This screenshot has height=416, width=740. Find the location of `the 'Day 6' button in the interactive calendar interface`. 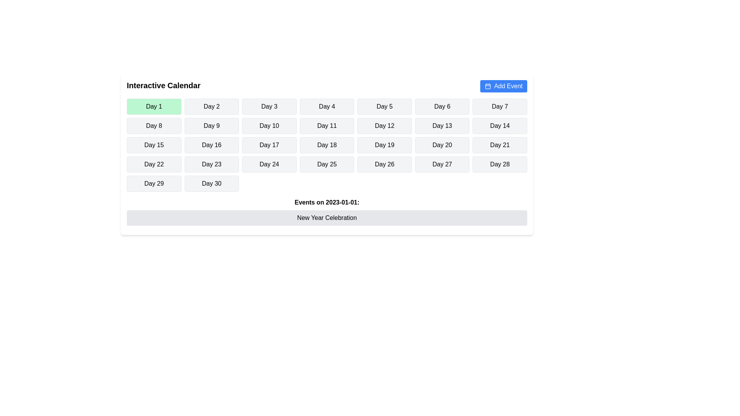

the 'Day 6' button in the interactive calendar interface is located at coordinates (442, 107).